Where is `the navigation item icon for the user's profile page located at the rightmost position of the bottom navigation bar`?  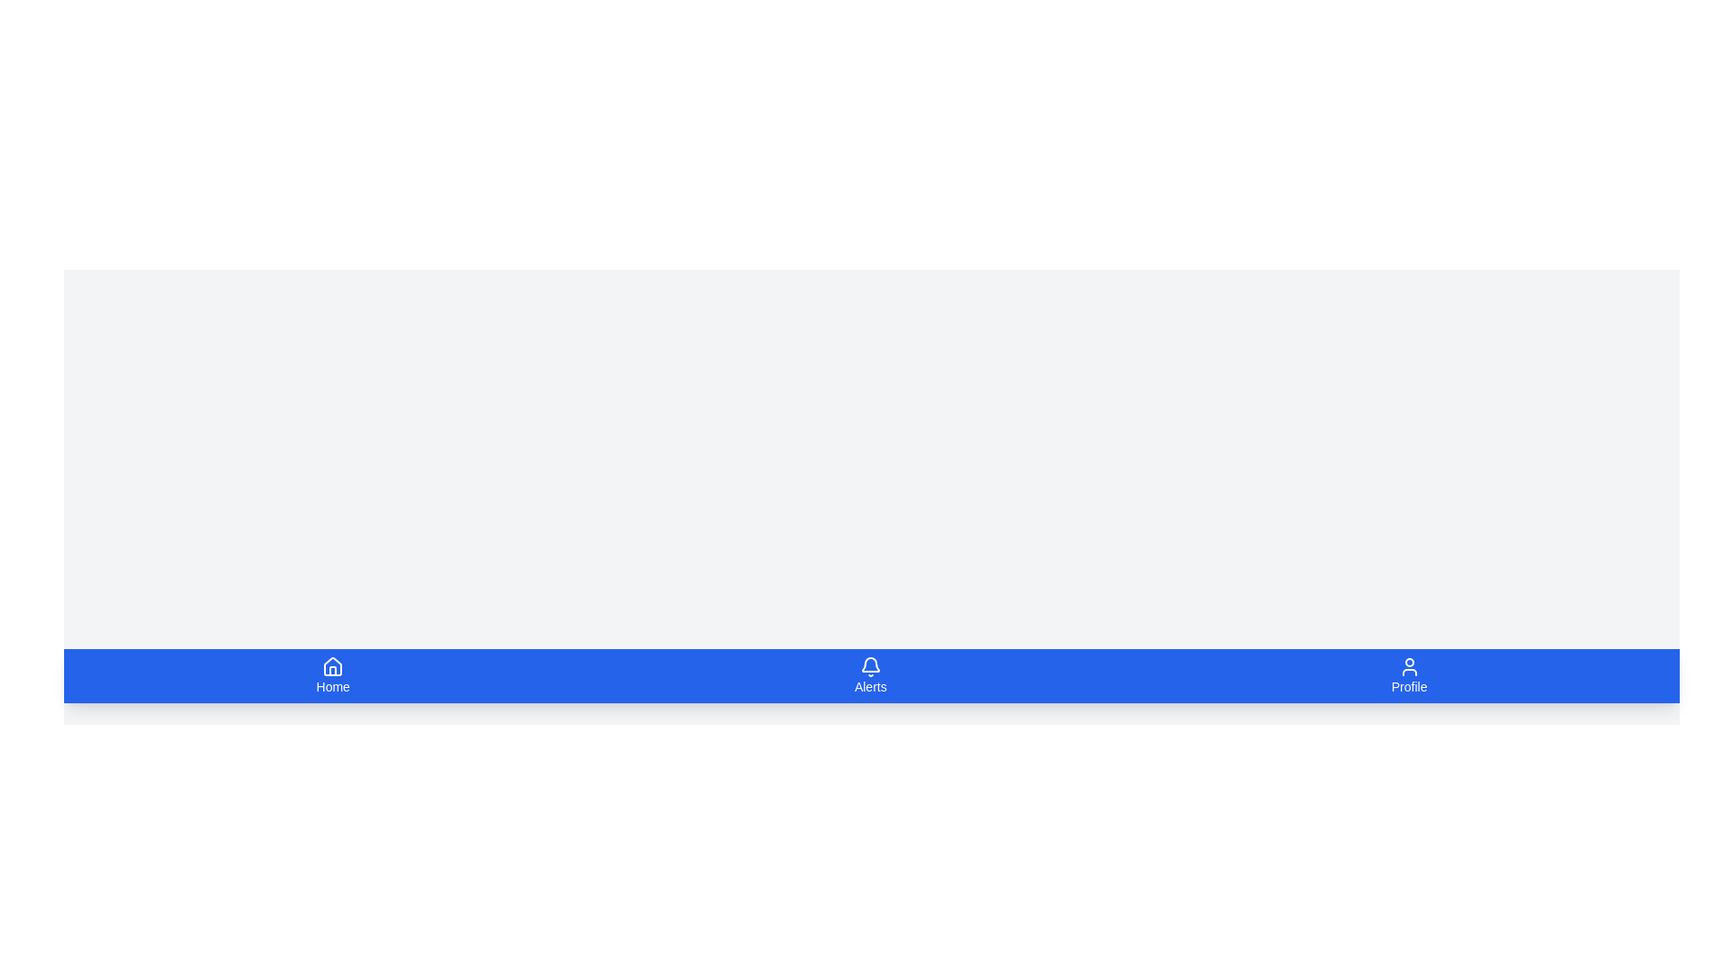
the navigation item icon for the user's profile page located at the rightmost position of the bottom navigation bar is located at coordinates (1408, 675).